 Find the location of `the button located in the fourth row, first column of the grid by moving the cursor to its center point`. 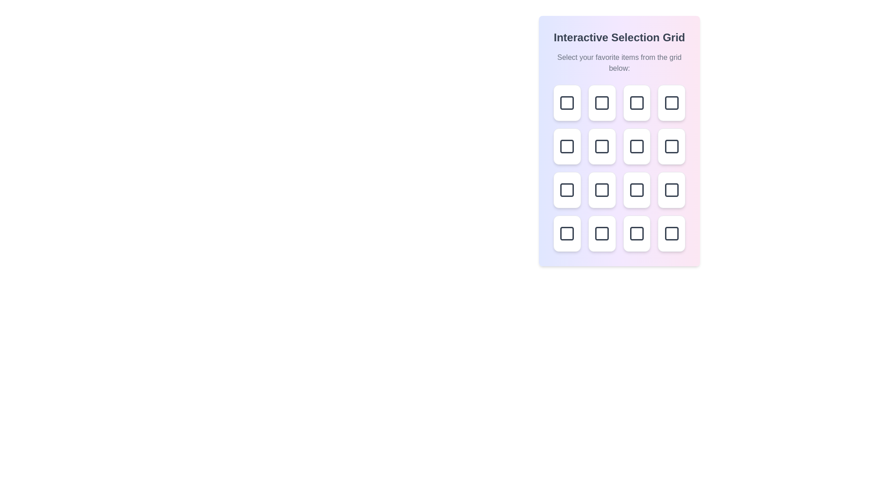

the button located in the fourth row, first column of the grid by moving the cursor to its center point is located at coordinates (567, 190).